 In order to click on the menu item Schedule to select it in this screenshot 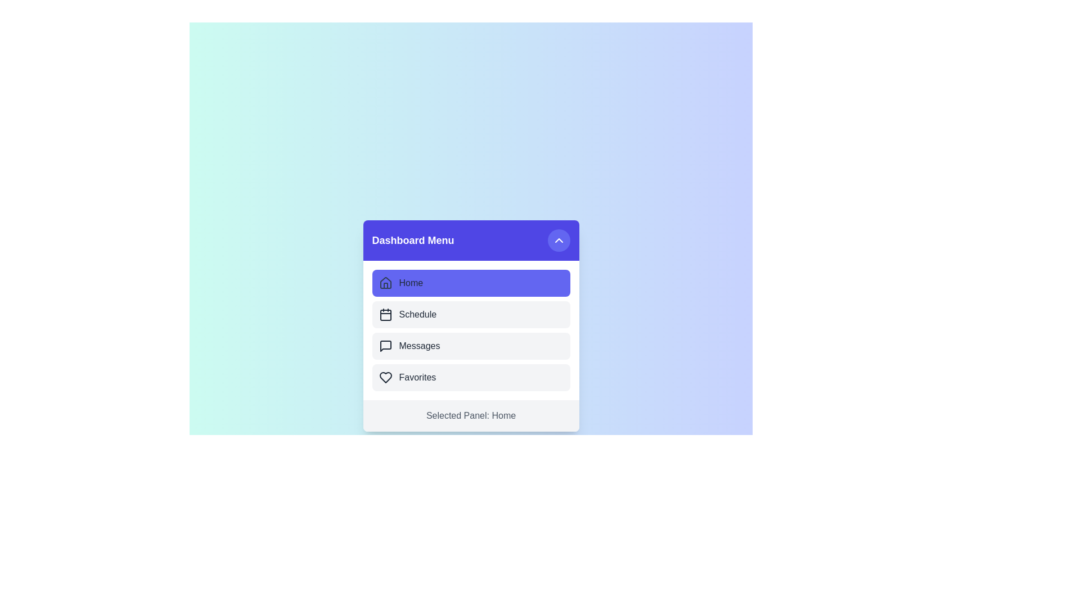, I will do `click(471, 314)`.